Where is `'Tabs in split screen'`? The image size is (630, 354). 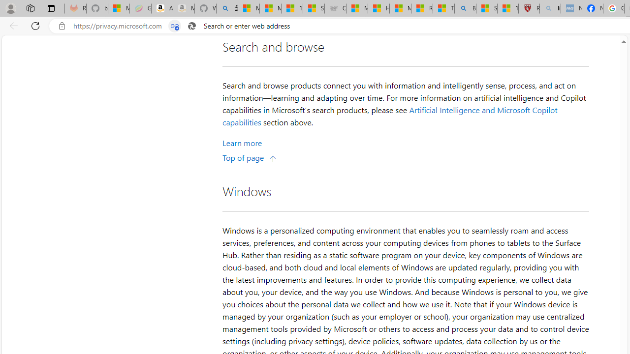 'Tabs in split screen' is located at coordinates (175, 26).